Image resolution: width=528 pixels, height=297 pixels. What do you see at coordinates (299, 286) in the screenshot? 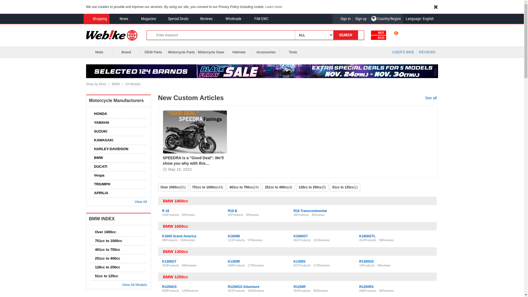
I see `'R1250R'` at bounding box center [299, 286].